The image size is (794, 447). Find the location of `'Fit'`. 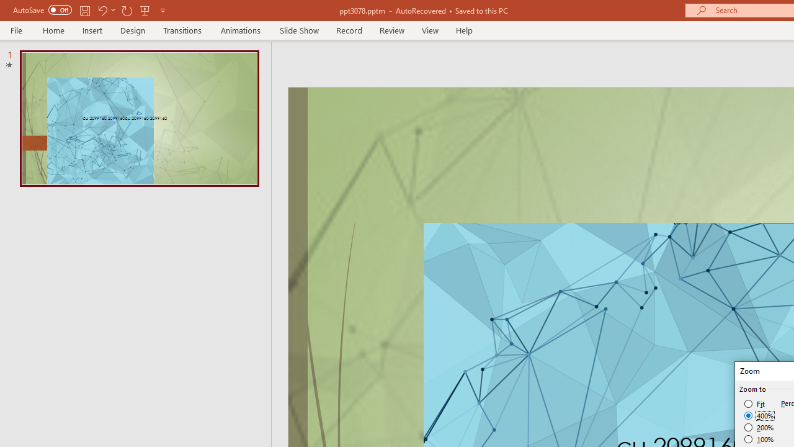

'Fit' is located at coordinates (754, 404).